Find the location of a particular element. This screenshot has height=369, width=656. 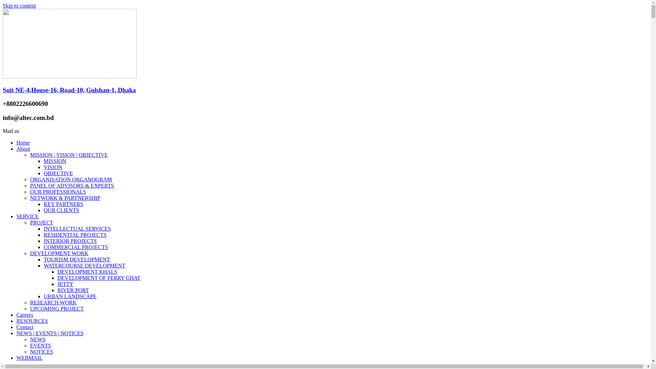

'JETTY' is located at coordinates (65, 284).